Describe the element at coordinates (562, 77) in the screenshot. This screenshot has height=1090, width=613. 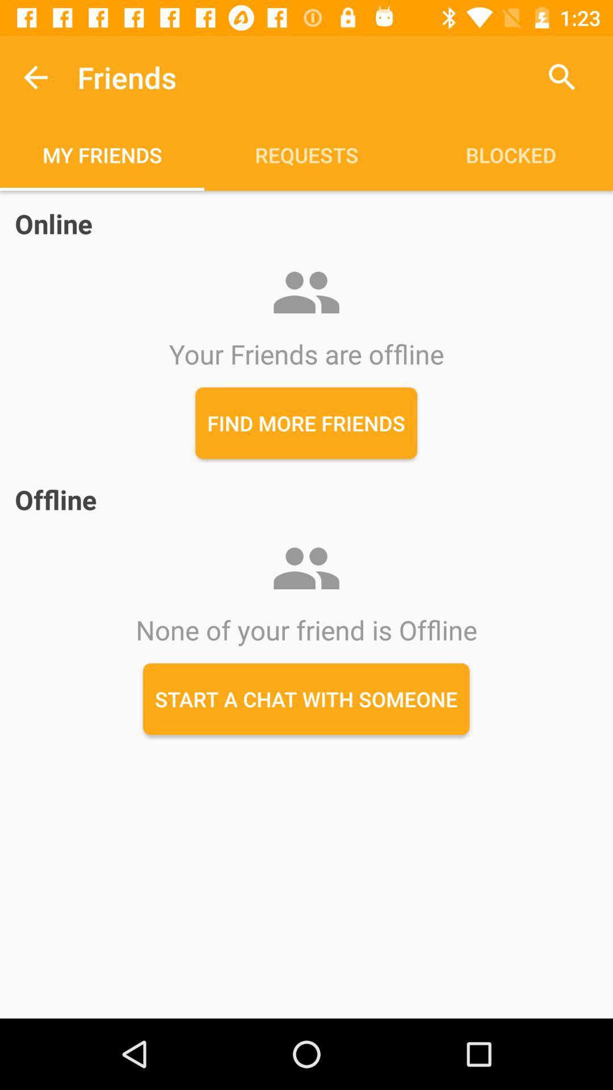
I see `icon to the right of the friends item` at that location.